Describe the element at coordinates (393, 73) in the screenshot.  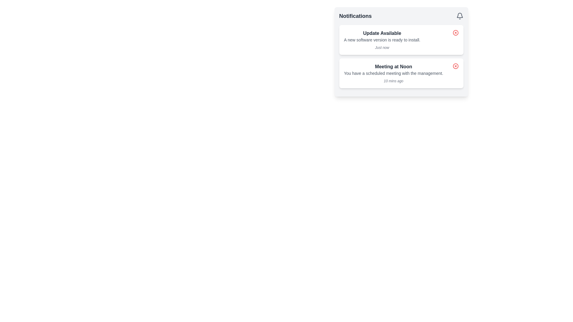
I see `the text element displaying the message 'You have a scheduled meeting with the management.' which is a small, gray-colored font within a notification module, positioned below 'Meeting at Noon' and above '10 mins ago'` at that location.